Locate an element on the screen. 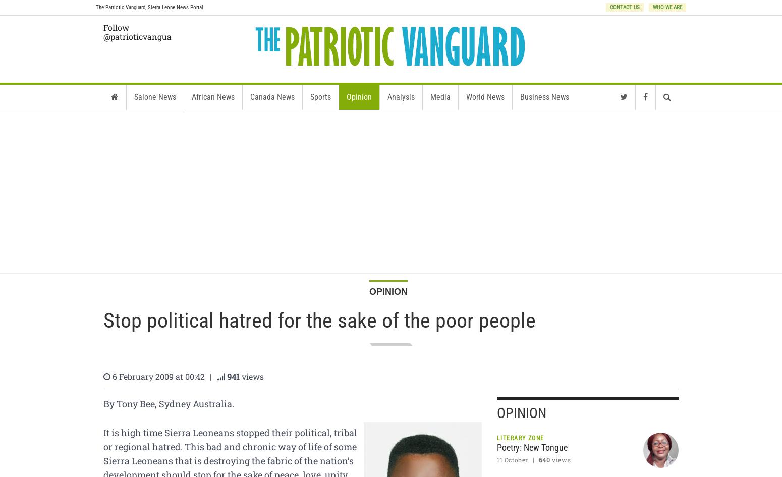 This screenshot has height=477, width=782. 'Contact US' is located at coordinates (610, 7).